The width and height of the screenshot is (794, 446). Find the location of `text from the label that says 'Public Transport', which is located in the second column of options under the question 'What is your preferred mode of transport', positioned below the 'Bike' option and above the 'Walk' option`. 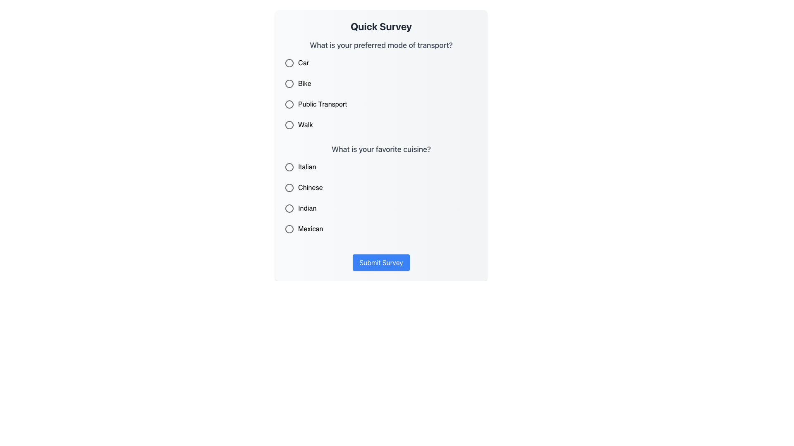

text from the label that says 'Public Transport', which is located in the second column of options under the question 'What is your preferred mode of transport', positioned below the 'Bike' option and above the 'Walk' option is located at coordinates (322, 104).